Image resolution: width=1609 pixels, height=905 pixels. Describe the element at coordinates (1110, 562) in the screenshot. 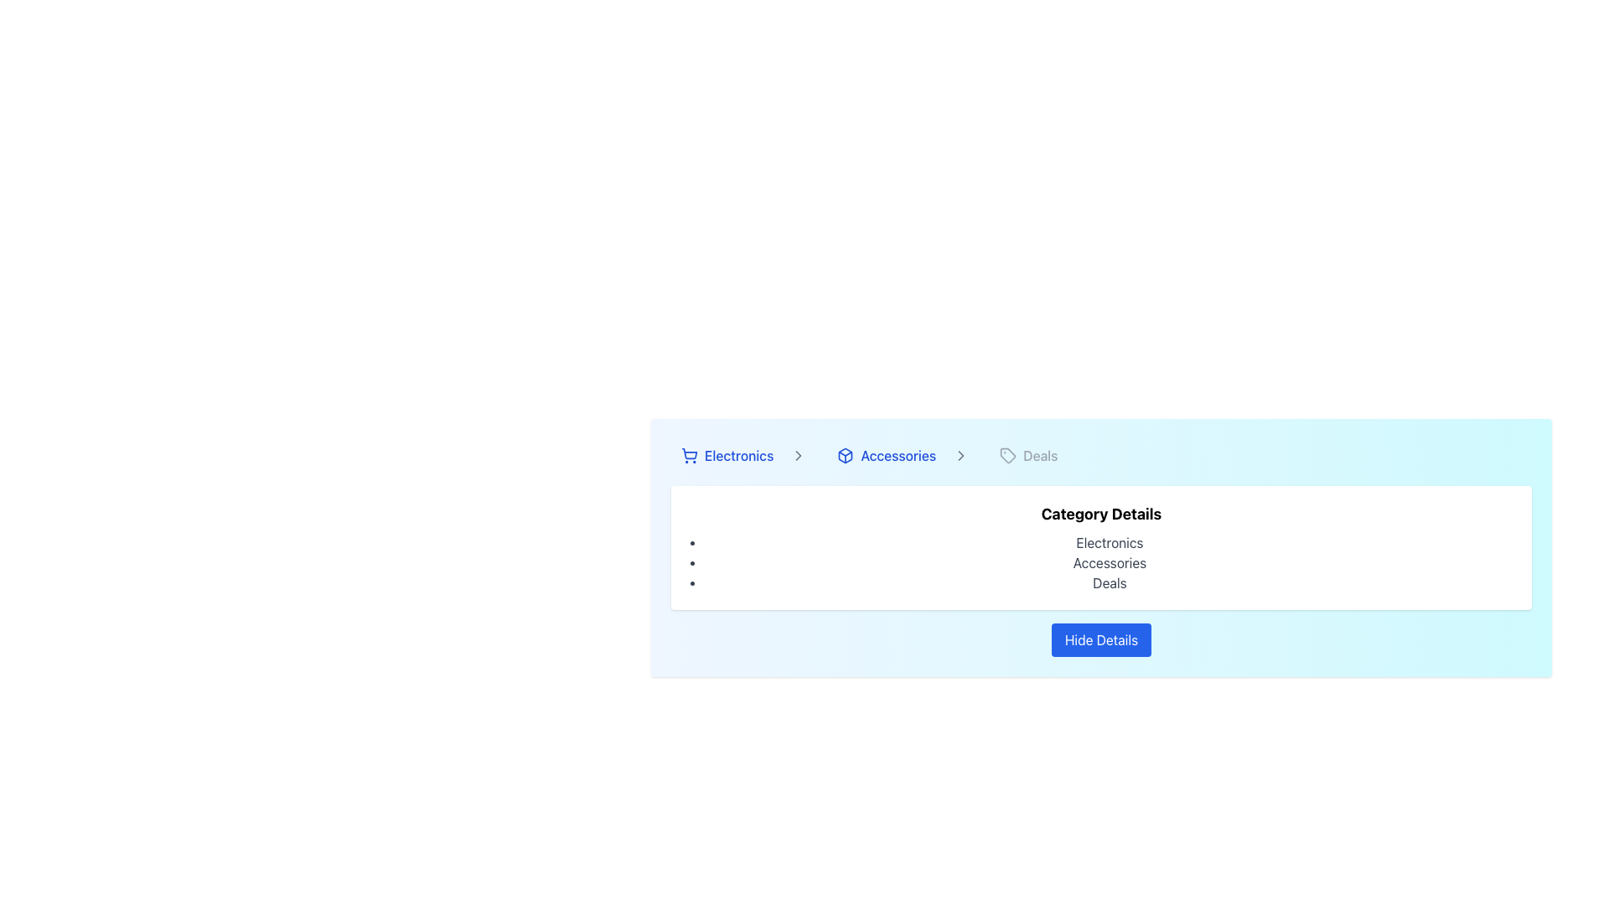

I see `the text label reading 'Accessories' in bold, located in the 'Category Details' section underneath a breadcrumb navigation, which is the second item in a bulleted list` at that location.